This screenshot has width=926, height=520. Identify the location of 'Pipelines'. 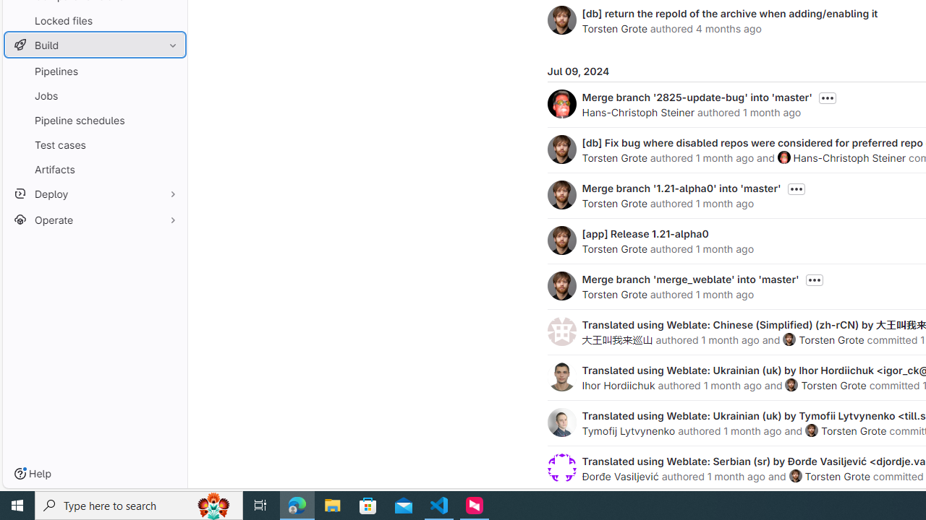
(94, 71).